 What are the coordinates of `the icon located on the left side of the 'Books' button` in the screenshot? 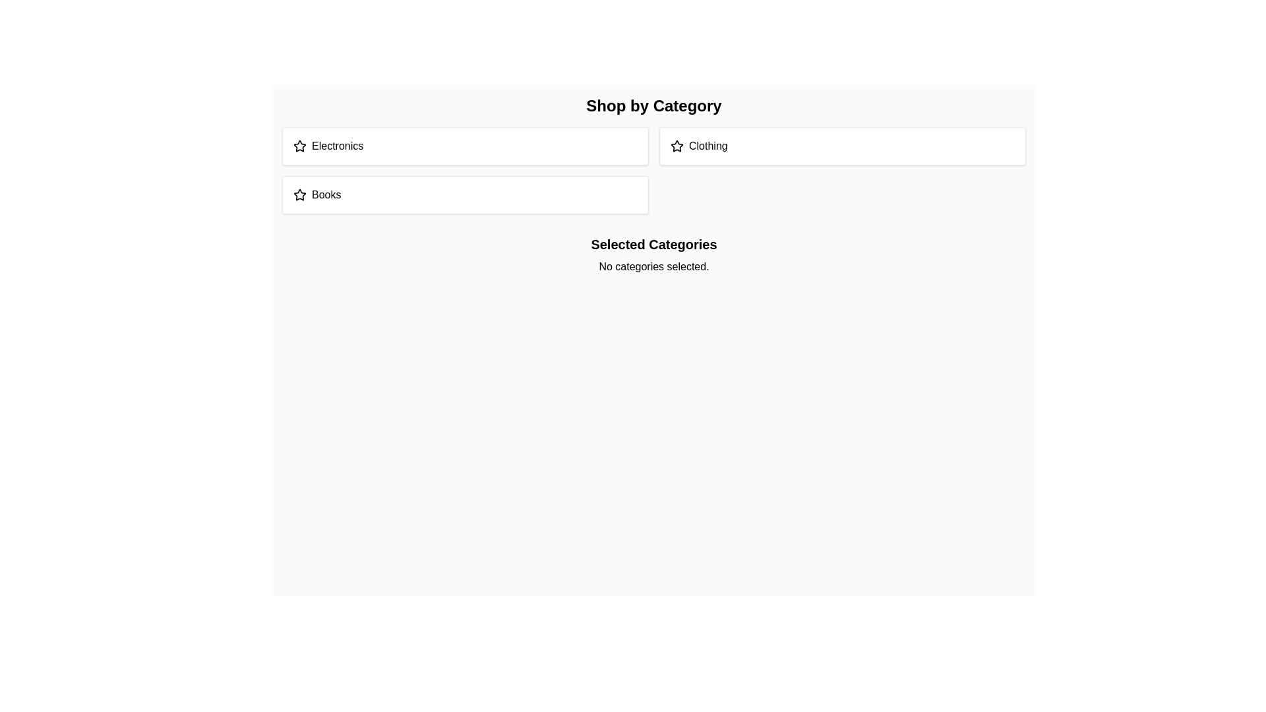 It's located at (299, 195).